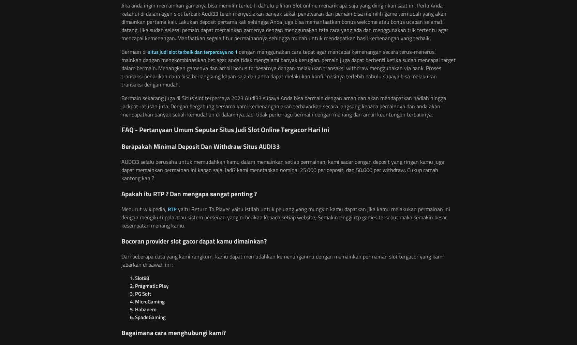 This screenshot has height=345, width=577. Describe the element at coordinates (283, 106) in the screenshot. I see `'Bermain sekarang juga di Situs slot terpercaya 2023 Audi33 supaya Anda bisa bermain dengan aman dan akan mendapatkan hadiah hingga jackpot ratusan juta. Dengan bergabung bersama kami kemenangan akan terbayarkan secara langsung kepada pemainnya dan anda akan mendapatkan banyak sekali kemudahan di dalamnya. Jadi tidak perlu ragu bermain dengan menang dan ambil keuntungan terbaiknya.'` at that location.